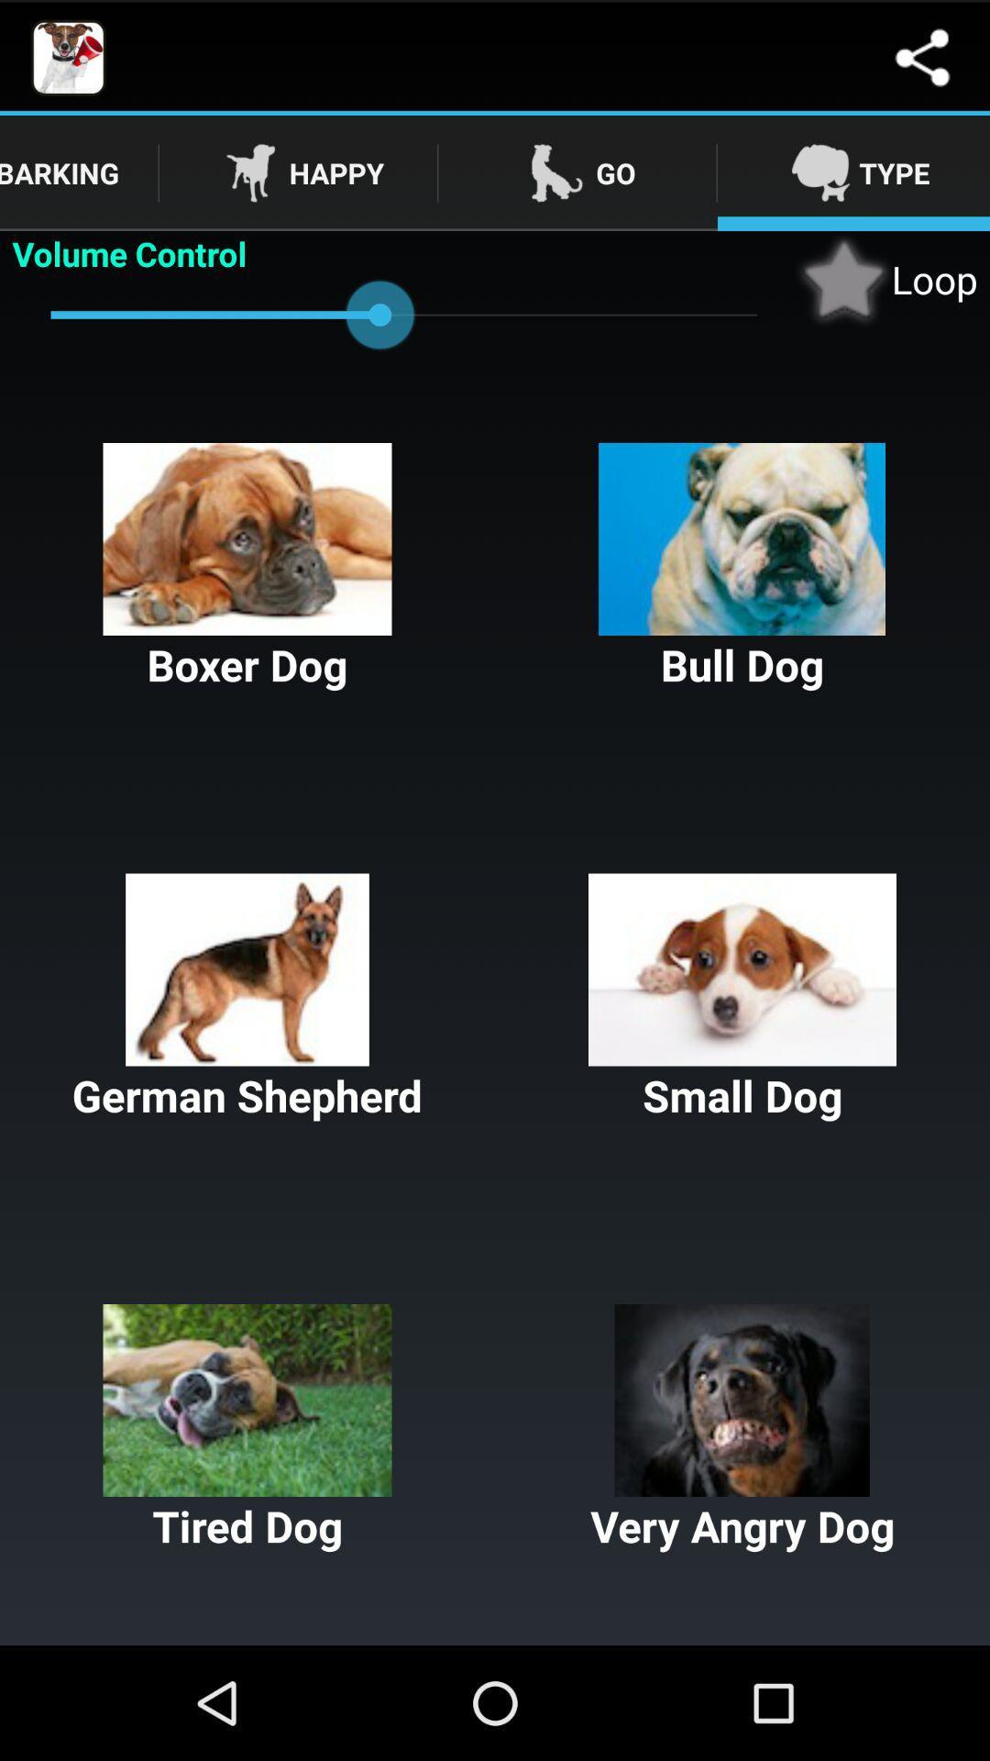  What do you see at coordinates (885, 278) in the screenshot?
I see `the button above the bull dog button` at bounding box center [885, 278].